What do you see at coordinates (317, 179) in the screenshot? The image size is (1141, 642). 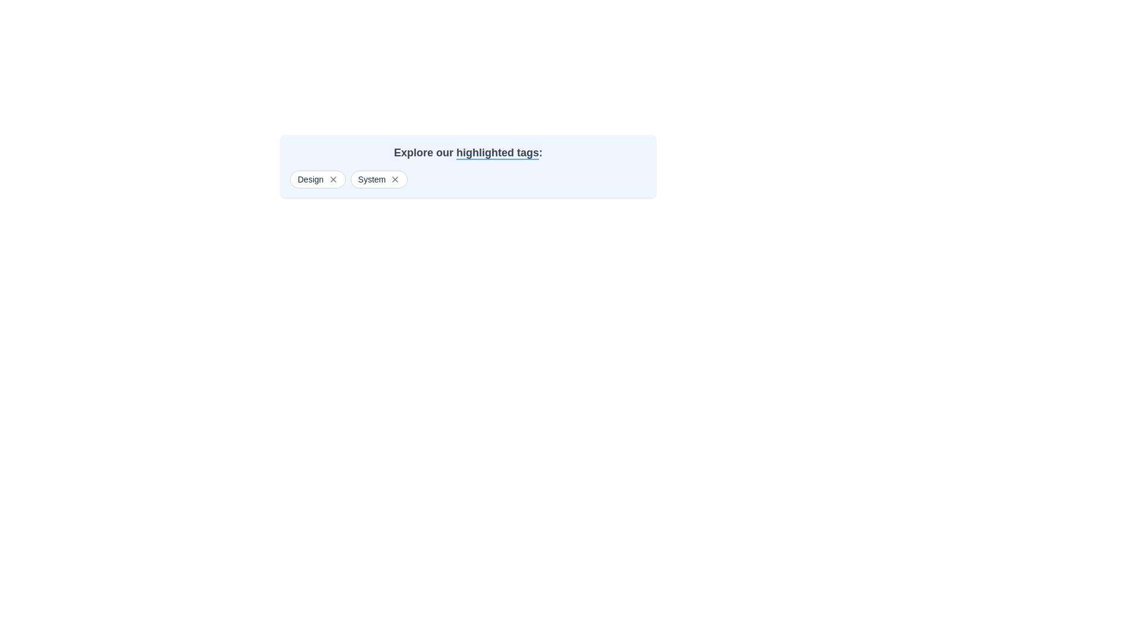 I see `the first tag in the horizontal list of tags` at bounding box center [317, 179].